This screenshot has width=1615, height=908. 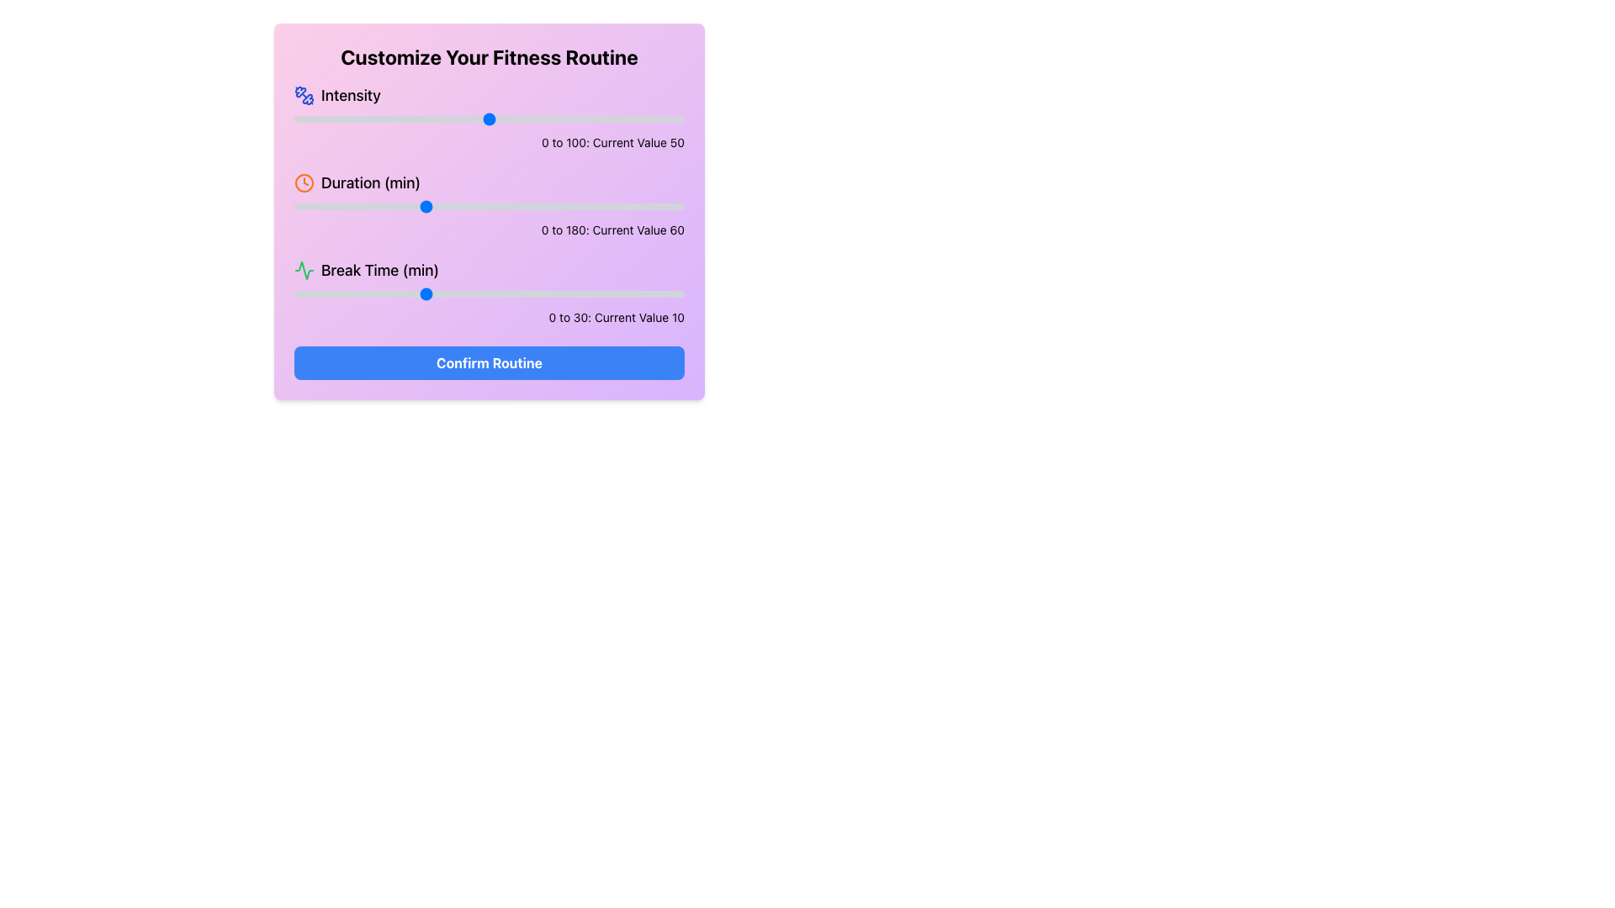 I want to click on duration, so click(x=632, y=206).